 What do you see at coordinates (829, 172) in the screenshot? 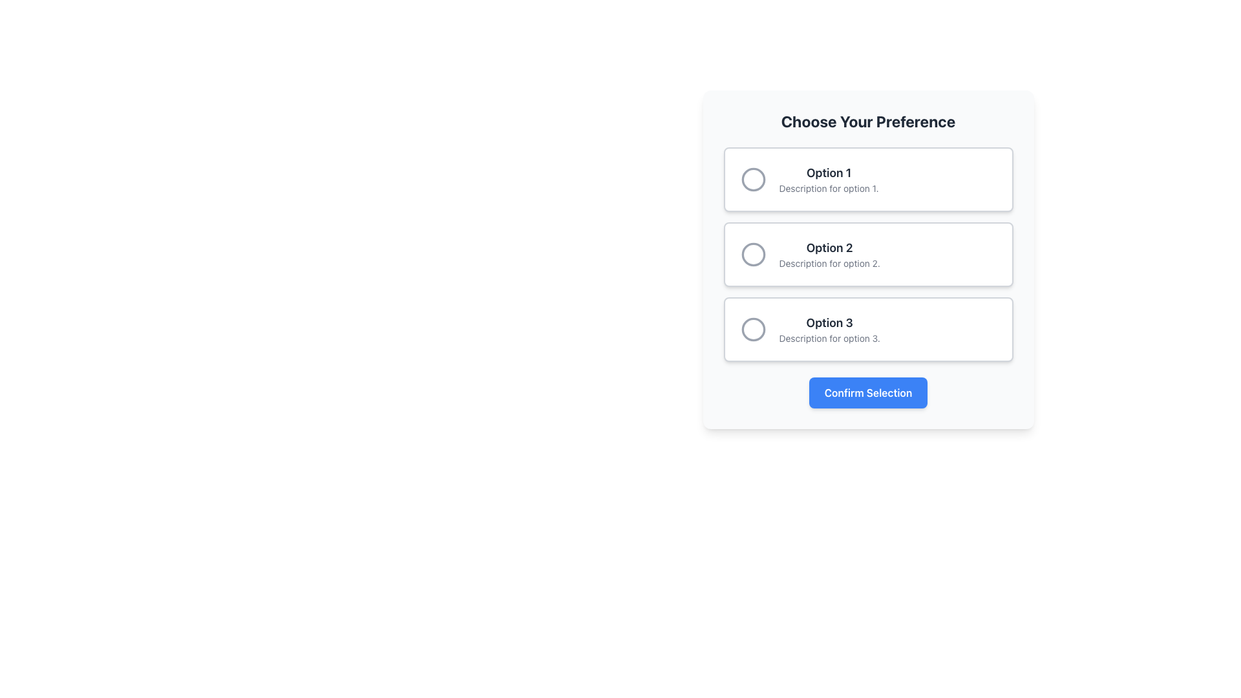
I see `the text label displaying 'Option 1' which is a large, bold, dark gray font located in the topmost card of a vertically stacked list of options` at bounding box center [829, 172].